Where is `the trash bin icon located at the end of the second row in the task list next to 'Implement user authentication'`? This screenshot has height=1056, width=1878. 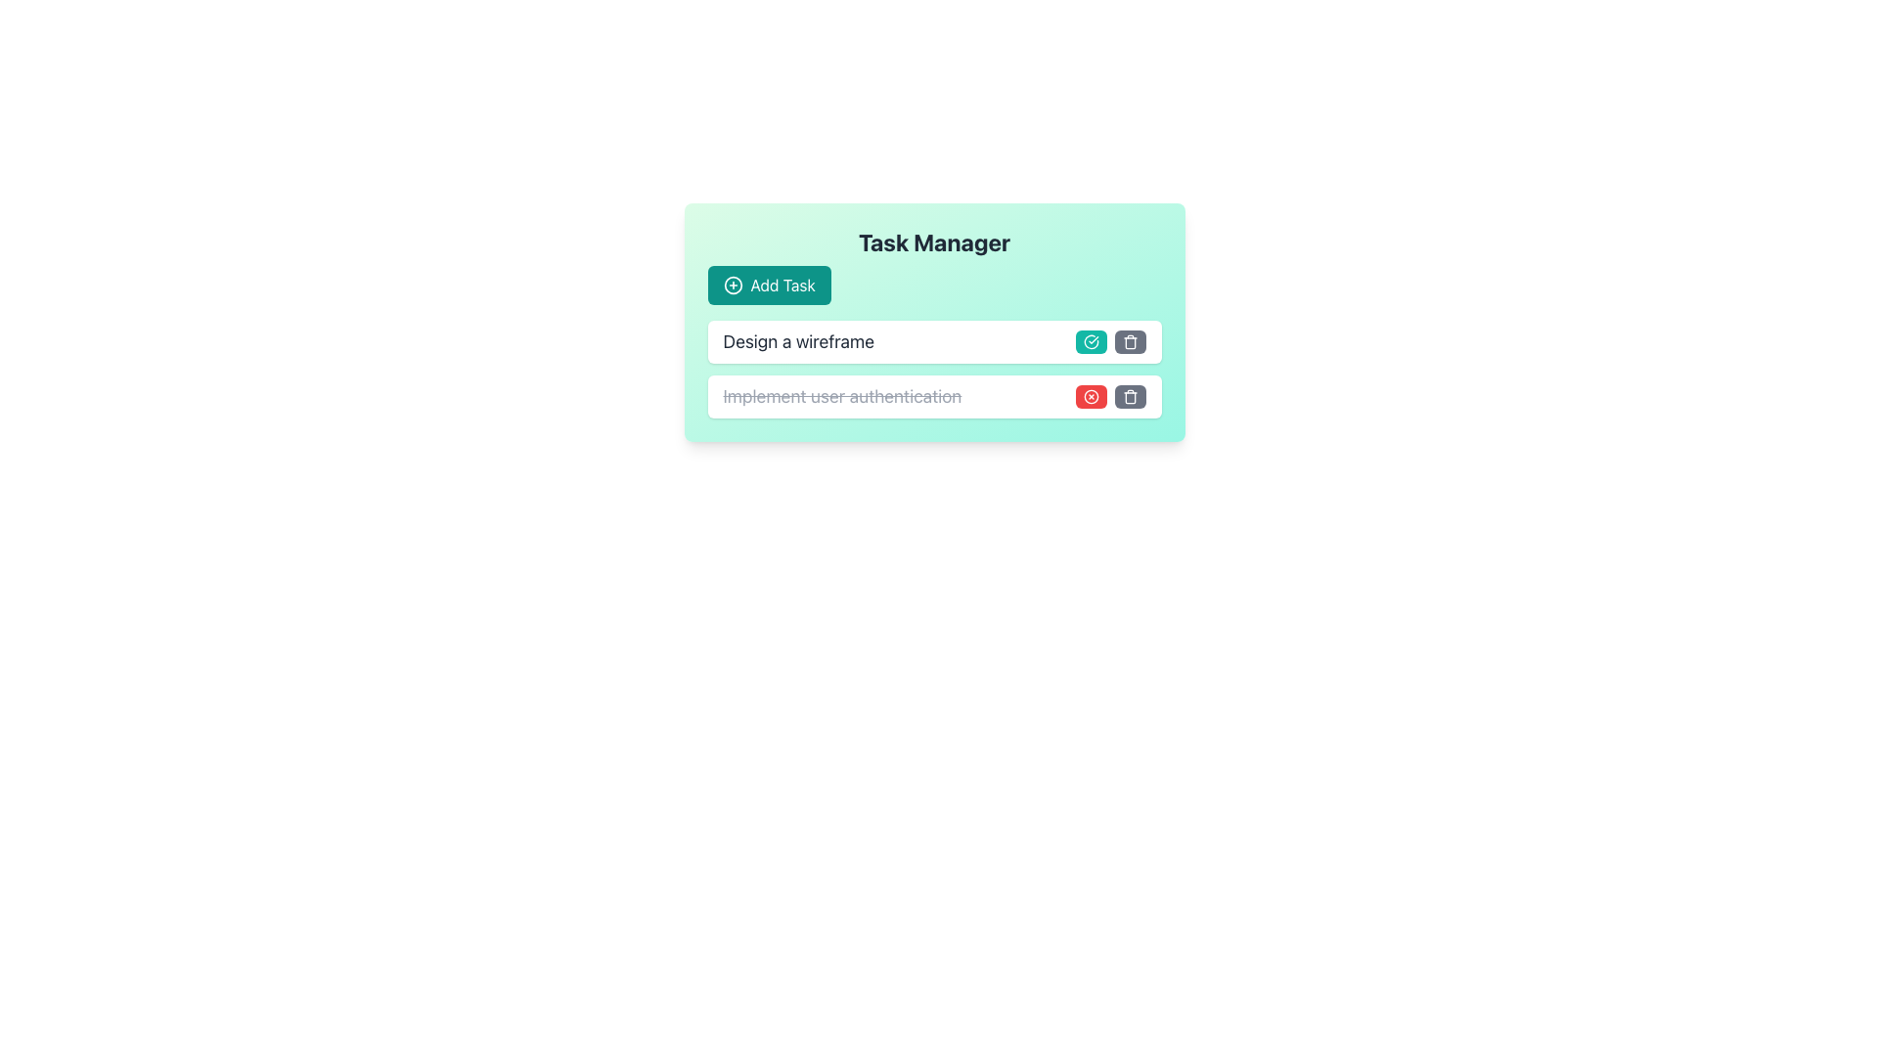 the trash bin icon located at the end of the second row in the task list next to 'Implement user authentication' is located at coordinates (1130, 396).